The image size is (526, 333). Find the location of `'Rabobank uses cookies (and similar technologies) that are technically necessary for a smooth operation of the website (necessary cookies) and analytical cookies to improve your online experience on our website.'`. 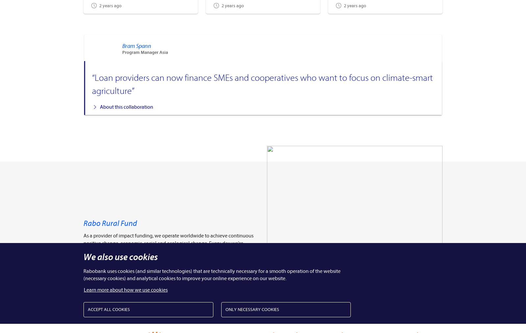

'Rabobank uses cookies (and similar technologies) that are technically necessary for a smooth operation of the website (necessary cookies) and analytical cookies to improve your online experience on our website.' is located at coordinates (212, 275).